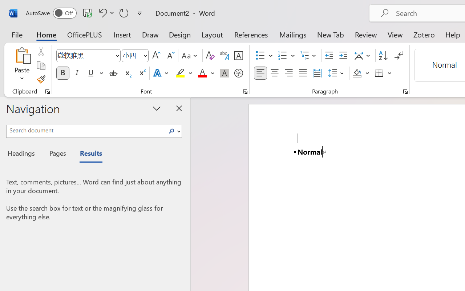 The height and width of the screenshot is (291, 465). I want to click on 'View', so click(395, 34).